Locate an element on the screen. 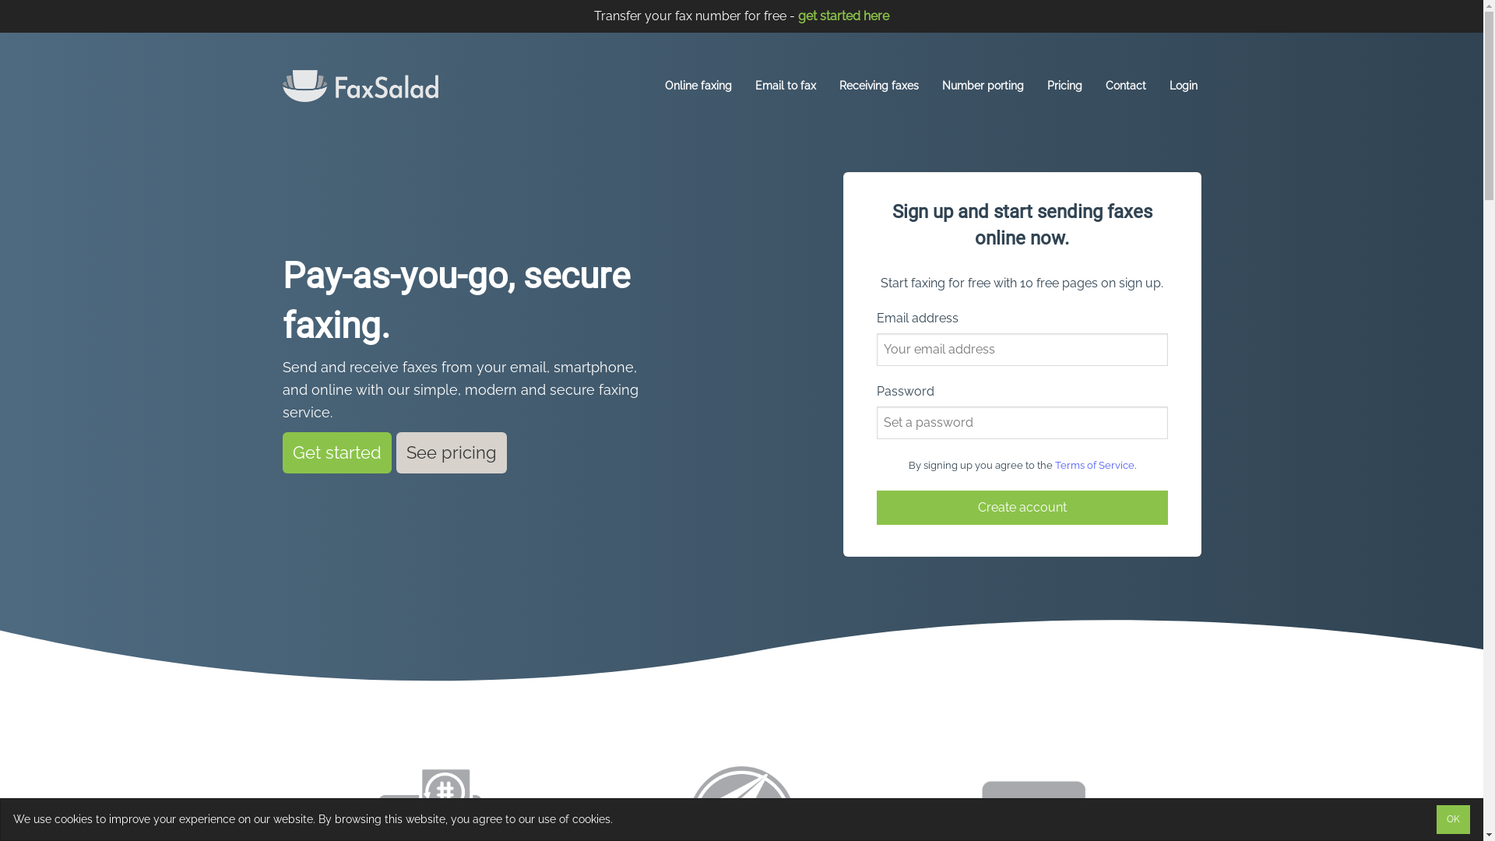 Image resolution: width=1495 pixels, height=841 pixels. 'Create account' is located at coordinates (1022, 507).